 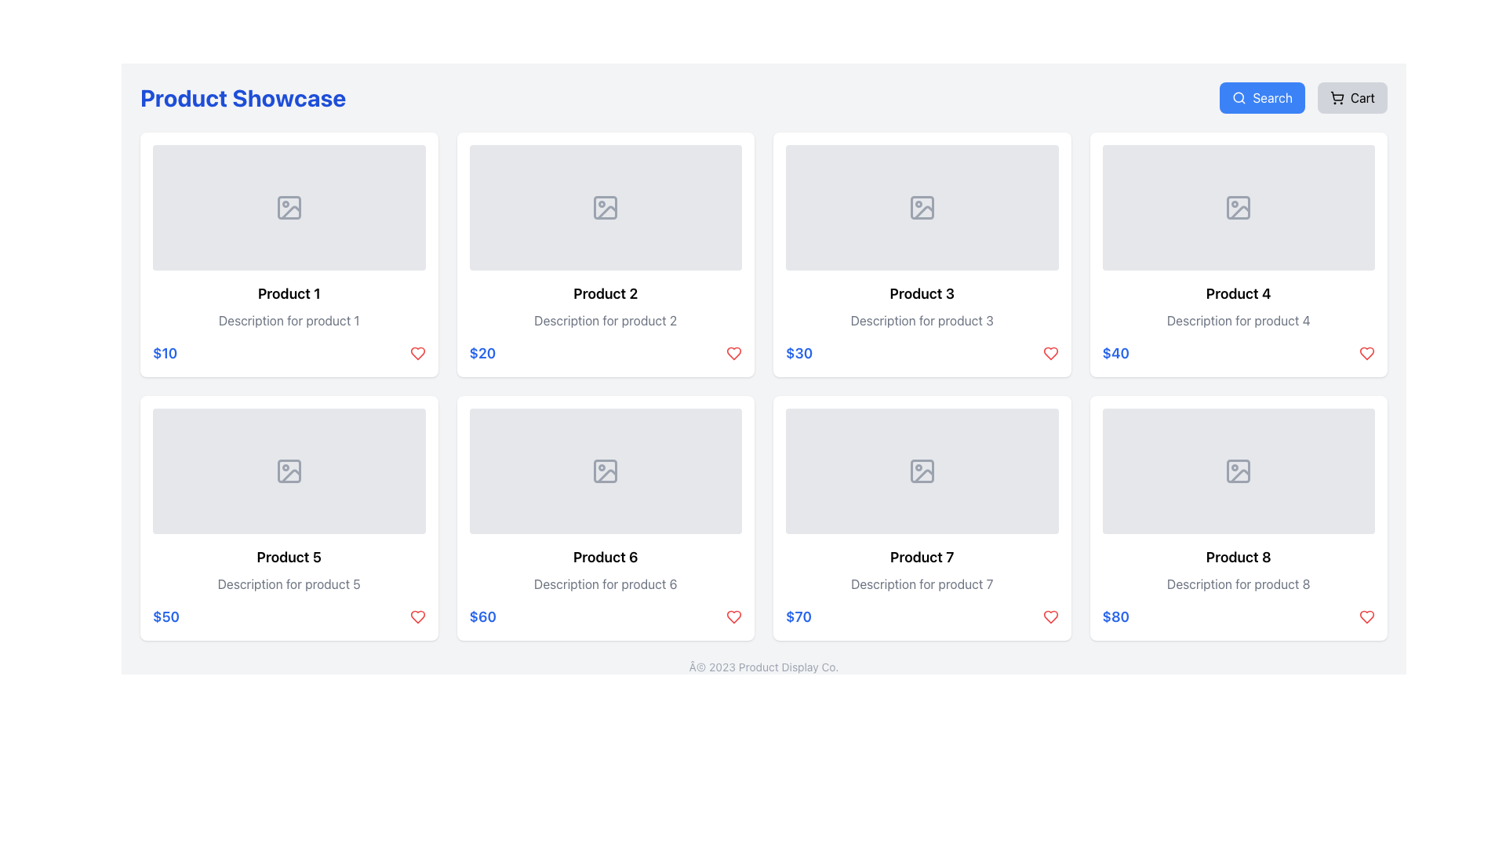 I want to click on the image placeholder for 'Product 8', which is located at the top of the card in the bottom-right corner of the product grid, so click(x=1238, y=471).